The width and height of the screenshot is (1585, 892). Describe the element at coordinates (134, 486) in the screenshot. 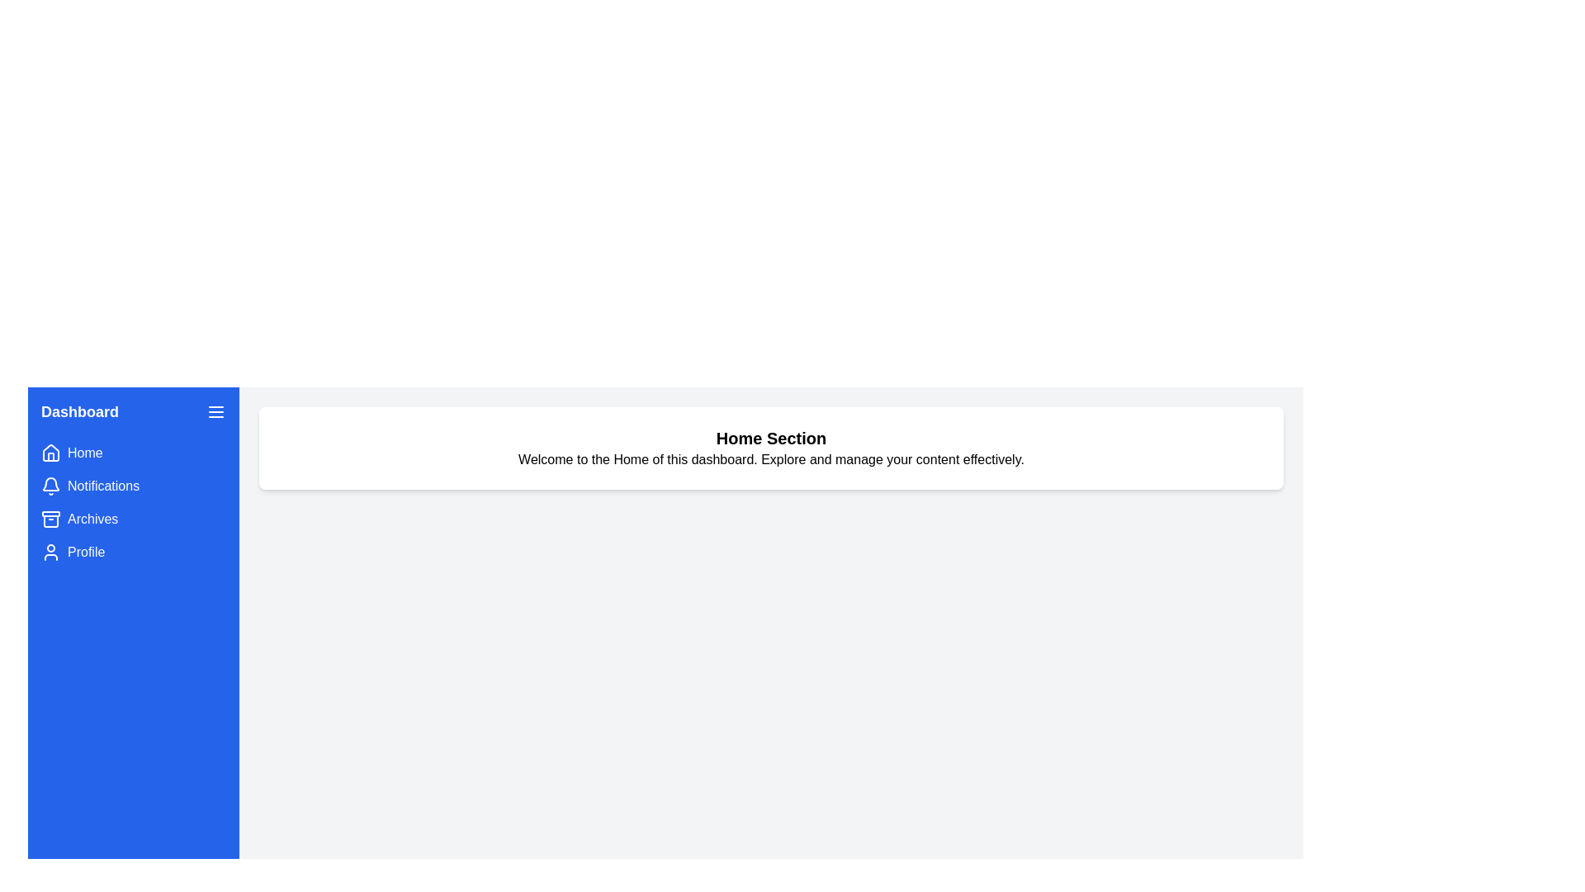

I see `the 'Notifications' navigational item, which features a bell icon and is located in the blue navigation sidebar, positioned as the second item below 'Home'` at that location.